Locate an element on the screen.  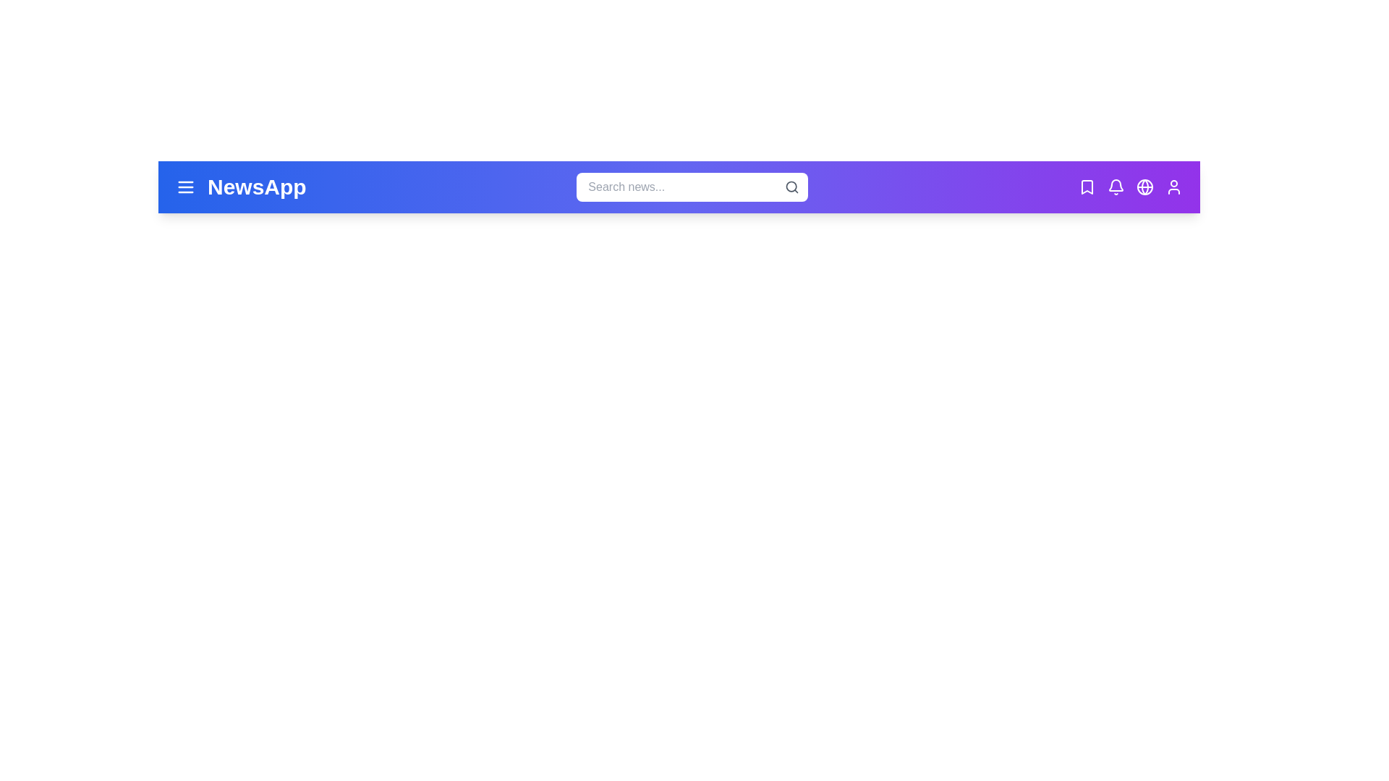
the bookmark icon to access bookmarks is located at coordinates (1087, 186).